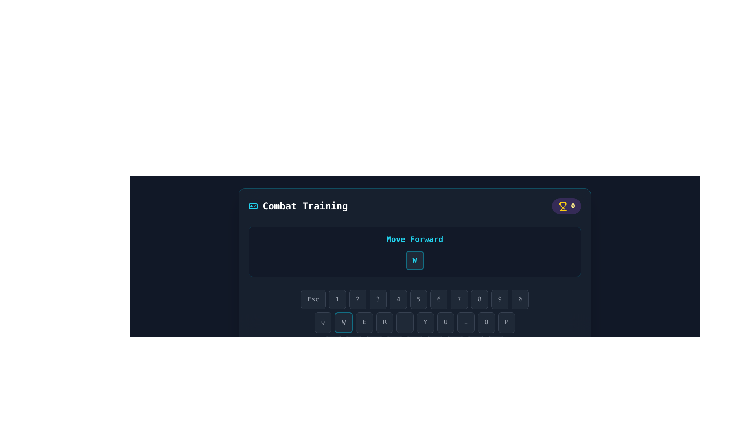  What do you see at coordinates (405, 323) in the screenshot?
I see `the fifth button in the row of key-like buttons (T)` at bounding box center [405, 323].